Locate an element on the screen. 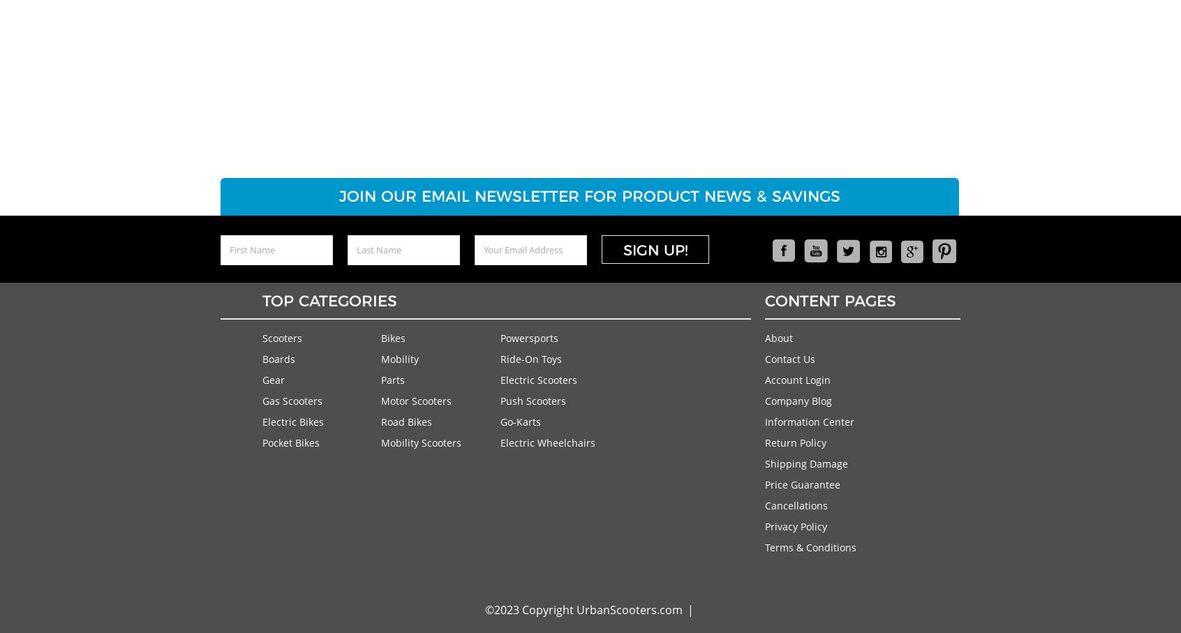 This screenshot has width=1181, height=633. 'Privacy Policy' is located at coordinates (795, 525).